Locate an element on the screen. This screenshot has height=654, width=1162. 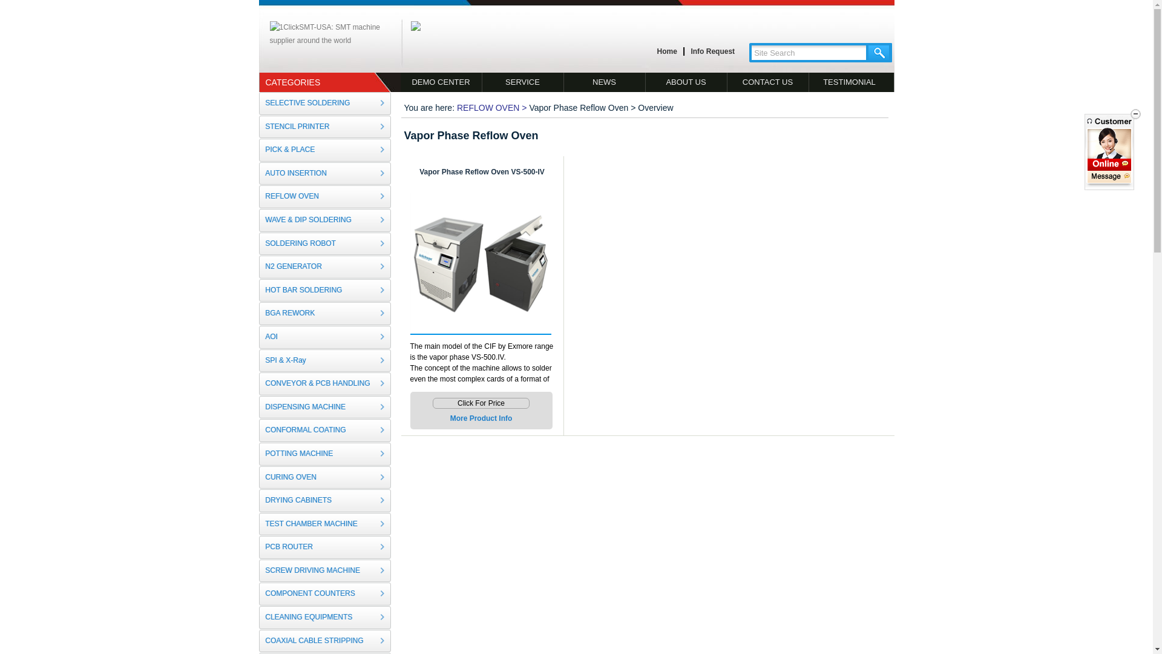
'POTTING MACHINE' is located at coordinates (325, 454).